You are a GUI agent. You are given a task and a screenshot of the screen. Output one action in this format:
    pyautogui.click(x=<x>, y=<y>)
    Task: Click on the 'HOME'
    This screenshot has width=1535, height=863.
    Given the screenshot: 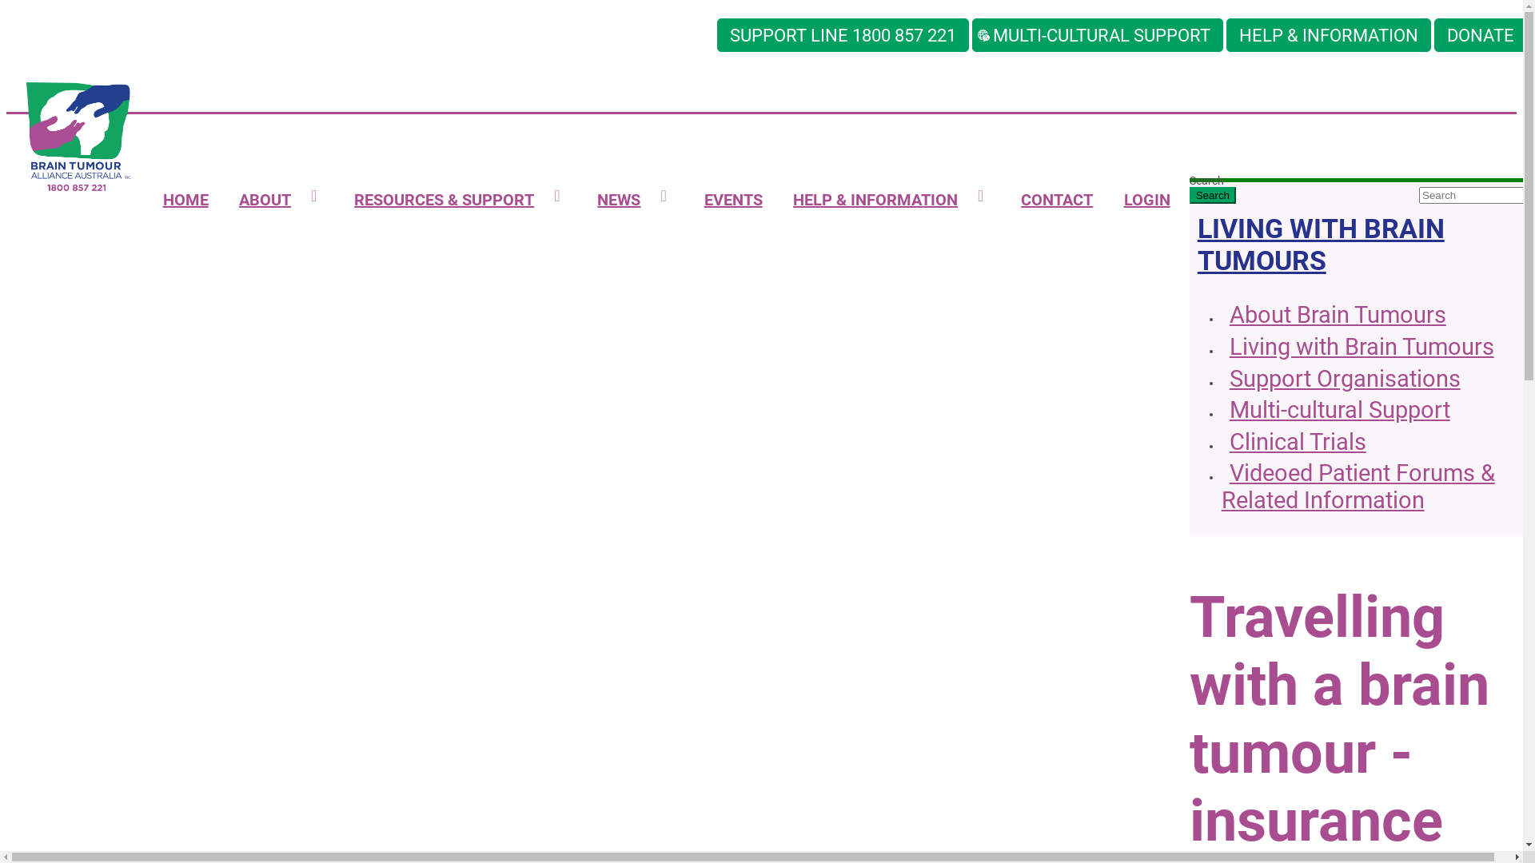 What is the action you would take?
    pyautogui.click(x=185, y=199)
    